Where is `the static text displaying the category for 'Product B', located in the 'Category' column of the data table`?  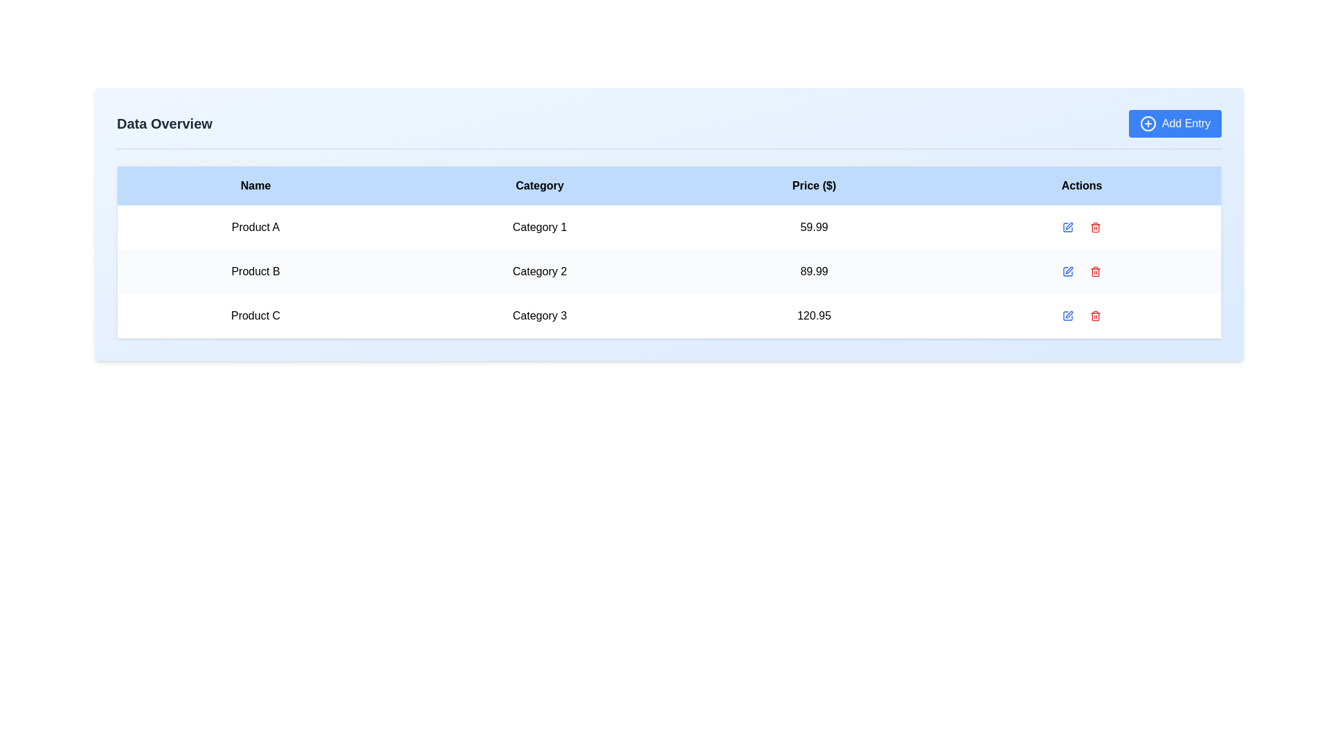
the static text displaying the category for 'Product B', located in the 'Category' column of the data table is located at coordinates (539, 272).